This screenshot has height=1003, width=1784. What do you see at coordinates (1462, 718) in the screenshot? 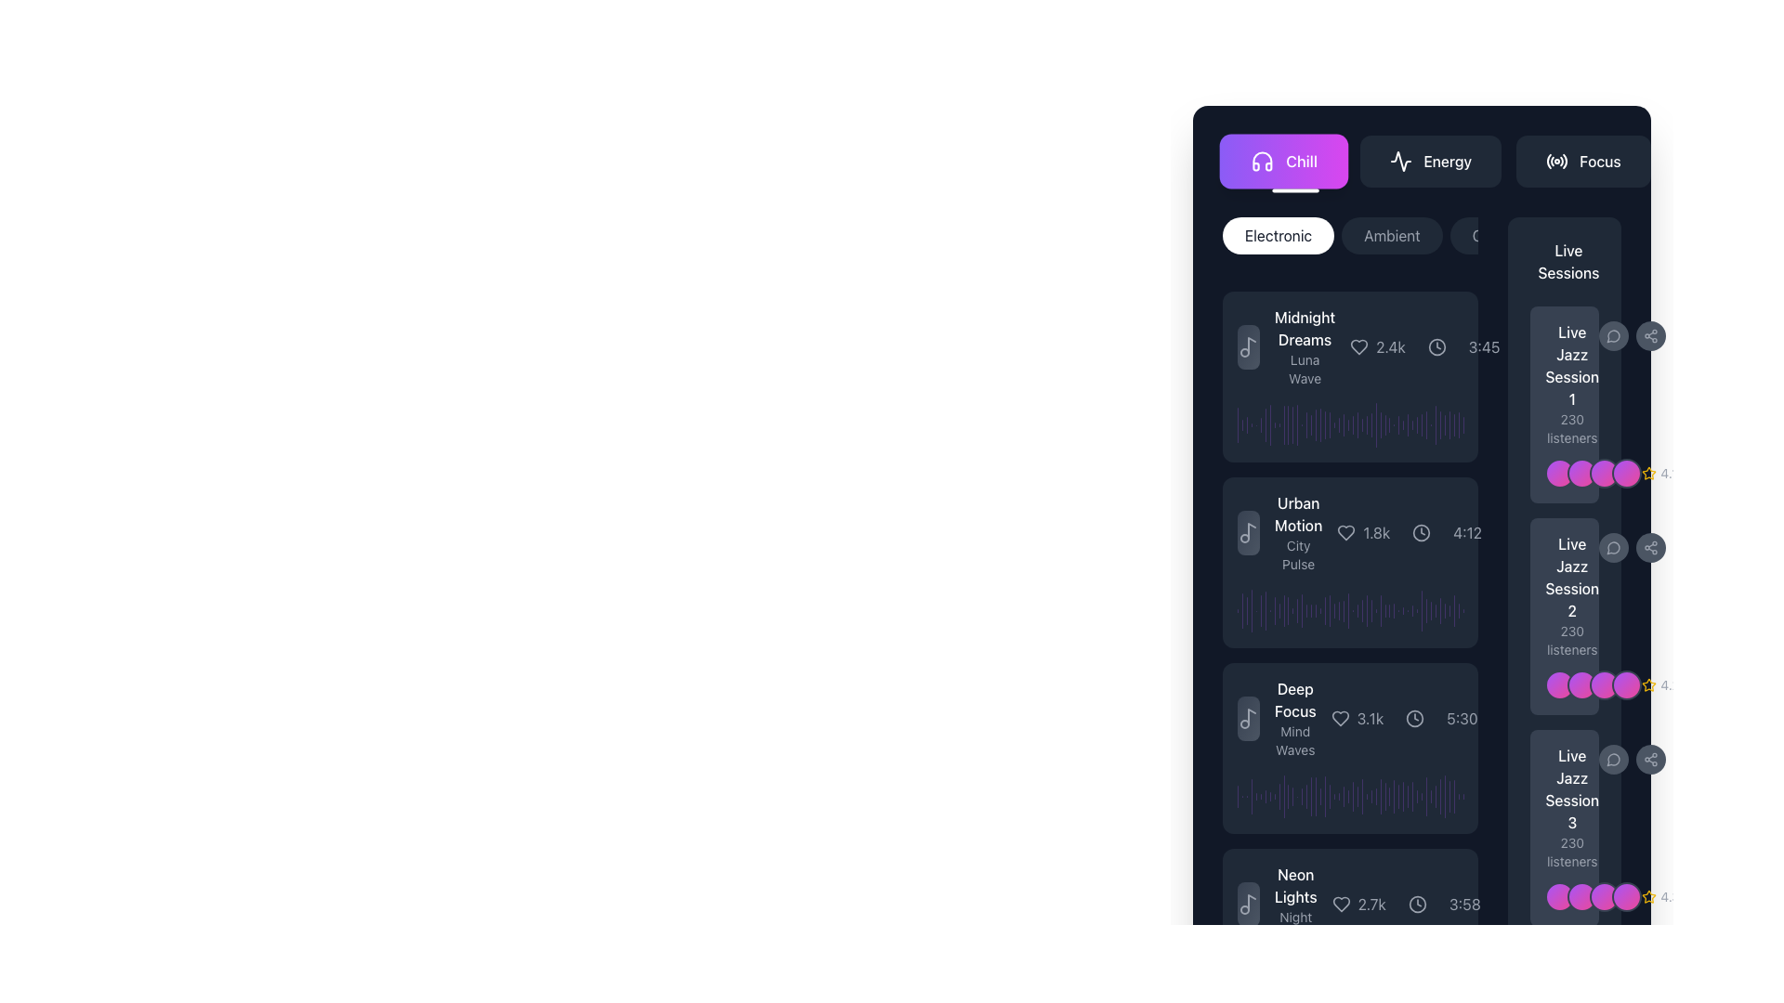
I see `time displayed in the text label that shows the duration of an audio track, positioned to the right of the clock icon and the numerical text '3.1k'` at bounding box center [1462, 718].